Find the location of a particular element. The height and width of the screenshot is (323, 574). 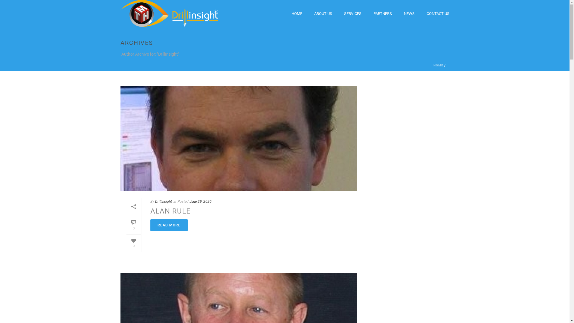

'Alan Rule' is located at coordinates (238, 138).